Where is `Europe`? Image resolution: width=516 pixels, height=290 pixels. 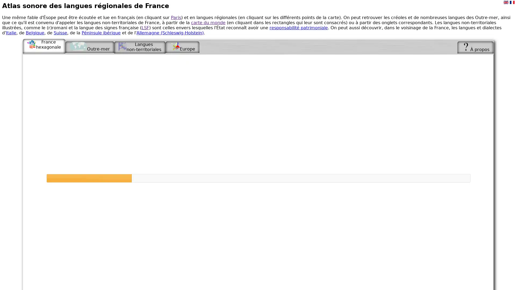
Europe is located at coordinates (182, 46).